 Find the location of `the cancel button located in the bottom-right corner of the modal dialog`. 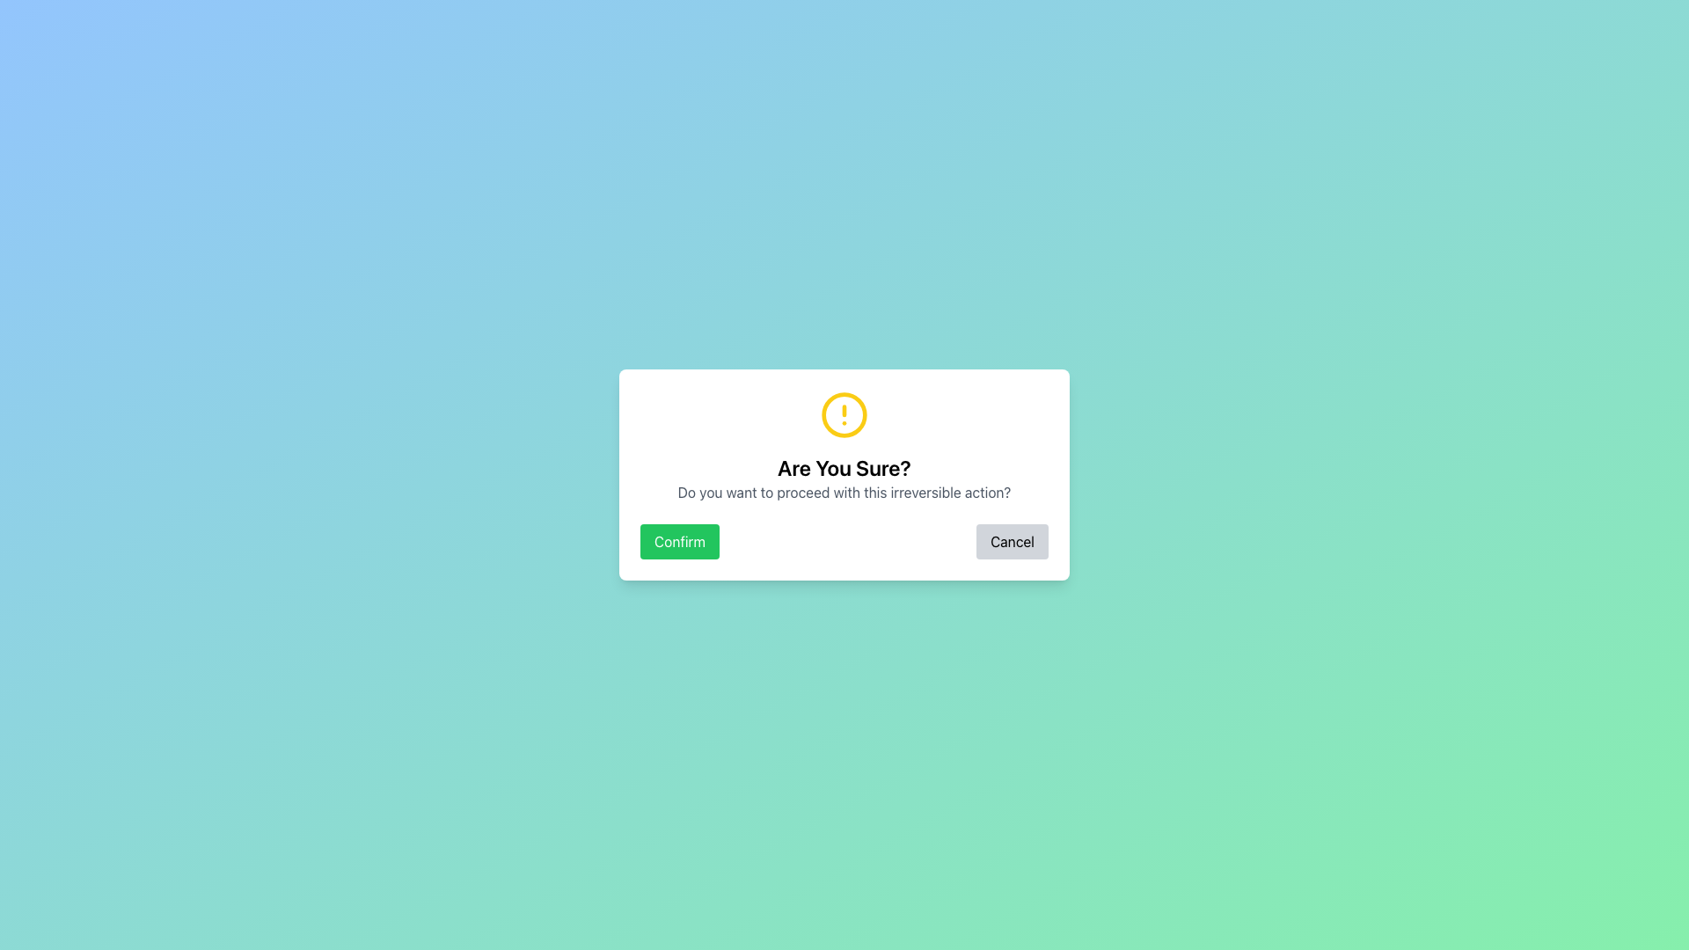

the cancel button located in the bottom-right corner of the modal dialog is located at coordinates (1013, 541).